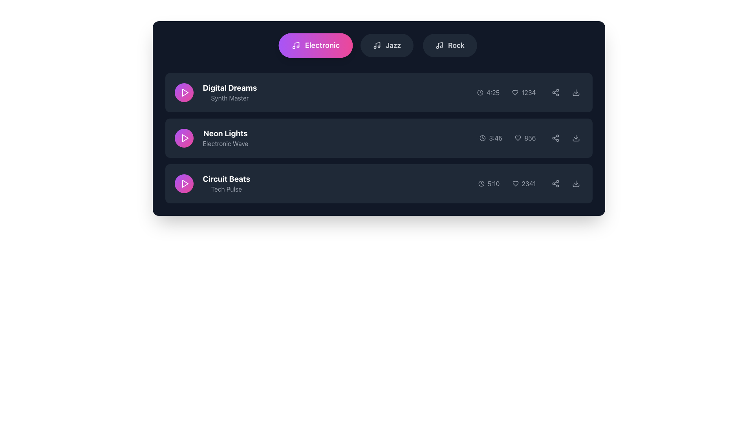 The image size is (754, 424). I want to click on the play button located to the left of the text 'Neon Lights', so click(183, 137).